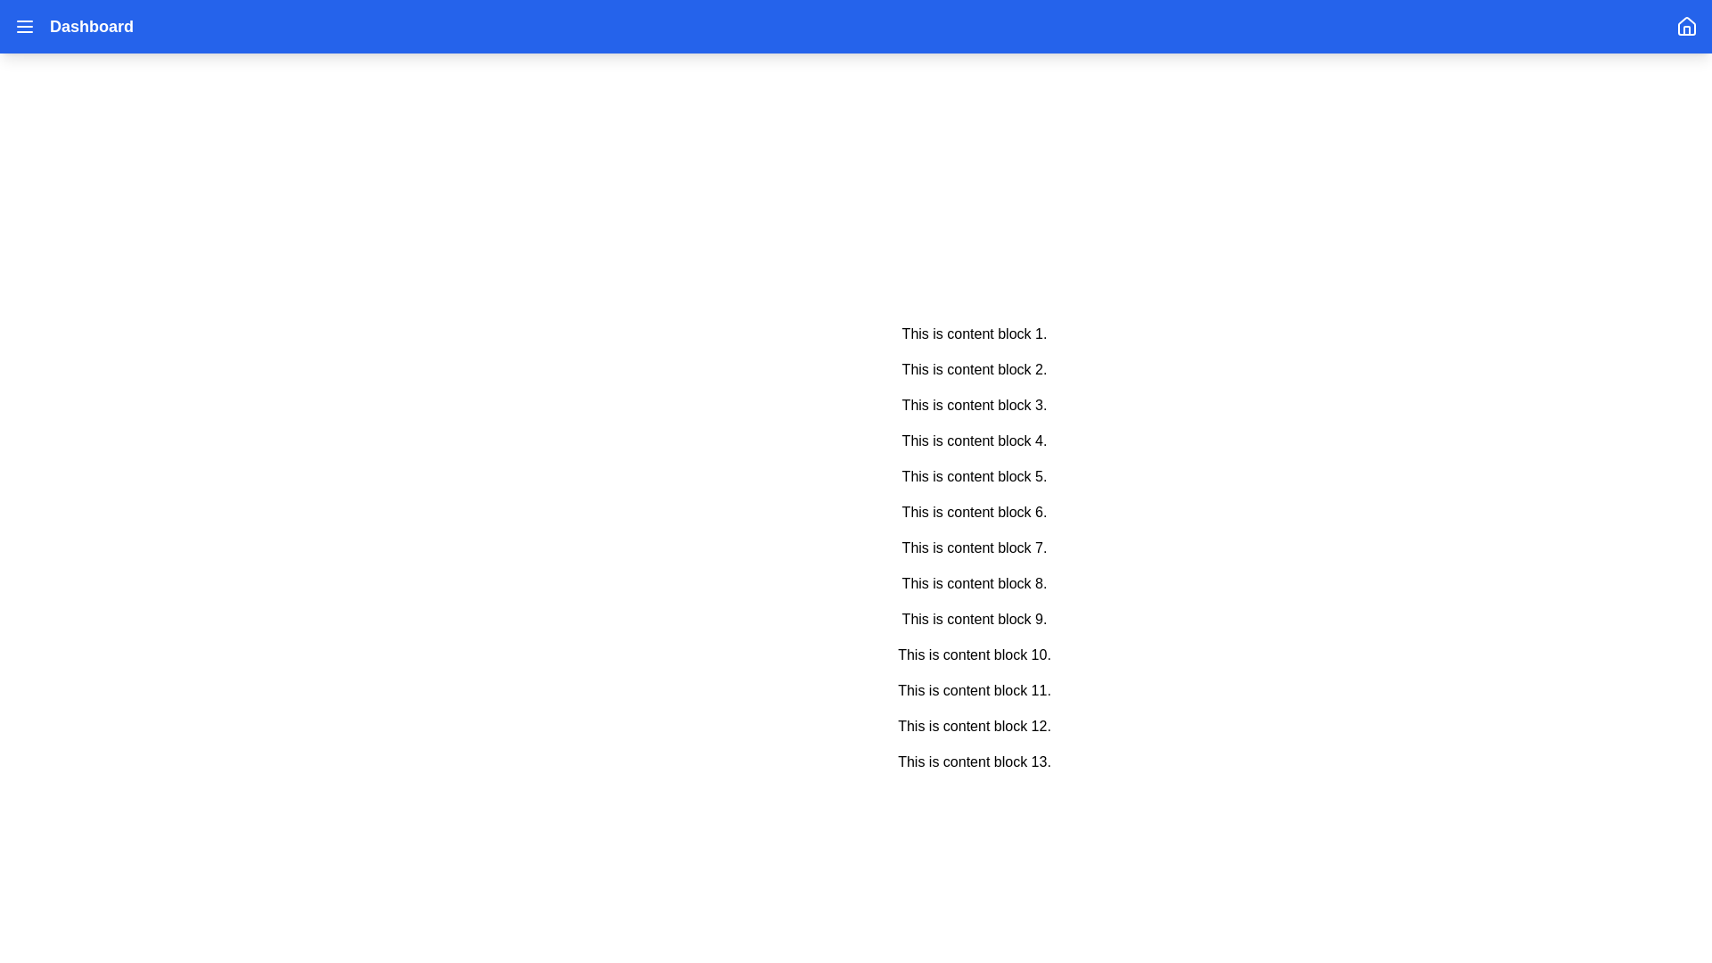 Image resolution: width=1712 pixels, height=963 pixels. What do you see at coordinates (974, 726) in the screenshot?
I see `the static text label displaying 'This is content block 12.', the twelfth item in a list of content blocks` at bounding box center [974, 726].